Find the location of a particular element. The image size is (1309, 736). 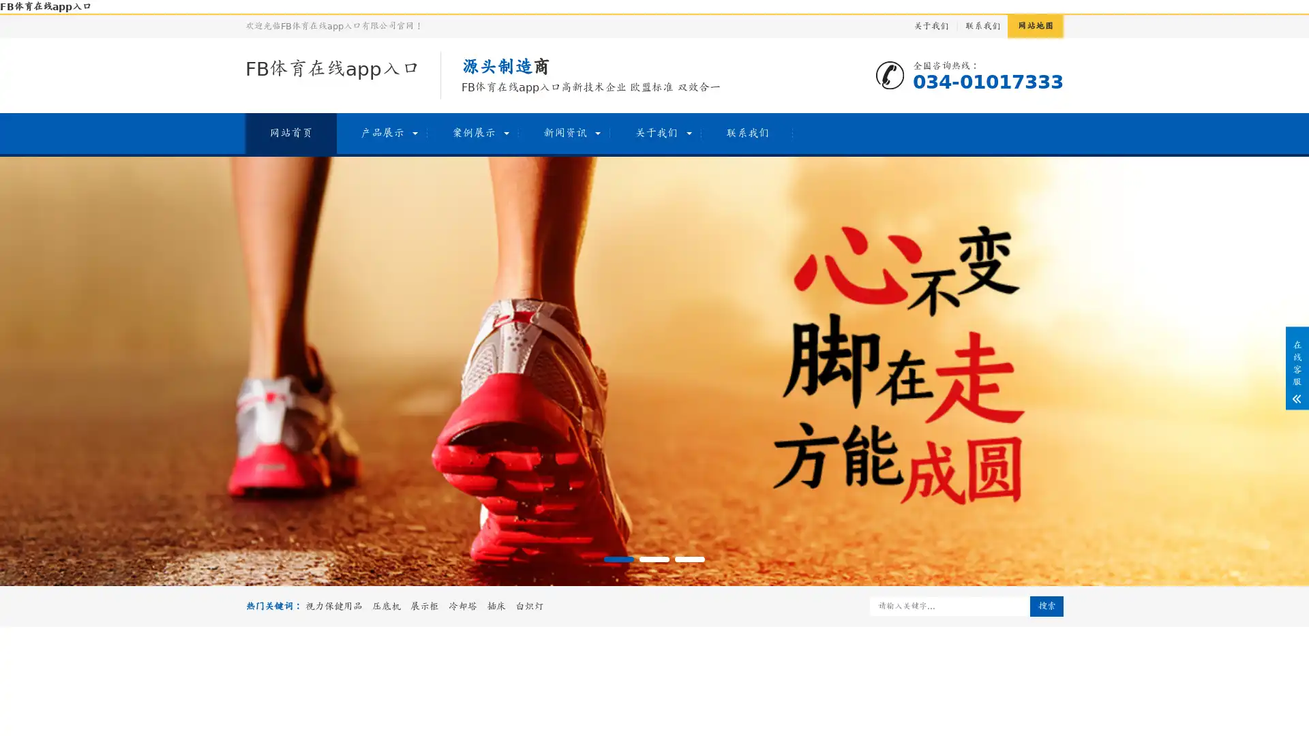

Go to slide 3 is located at coordinates (690, 559).